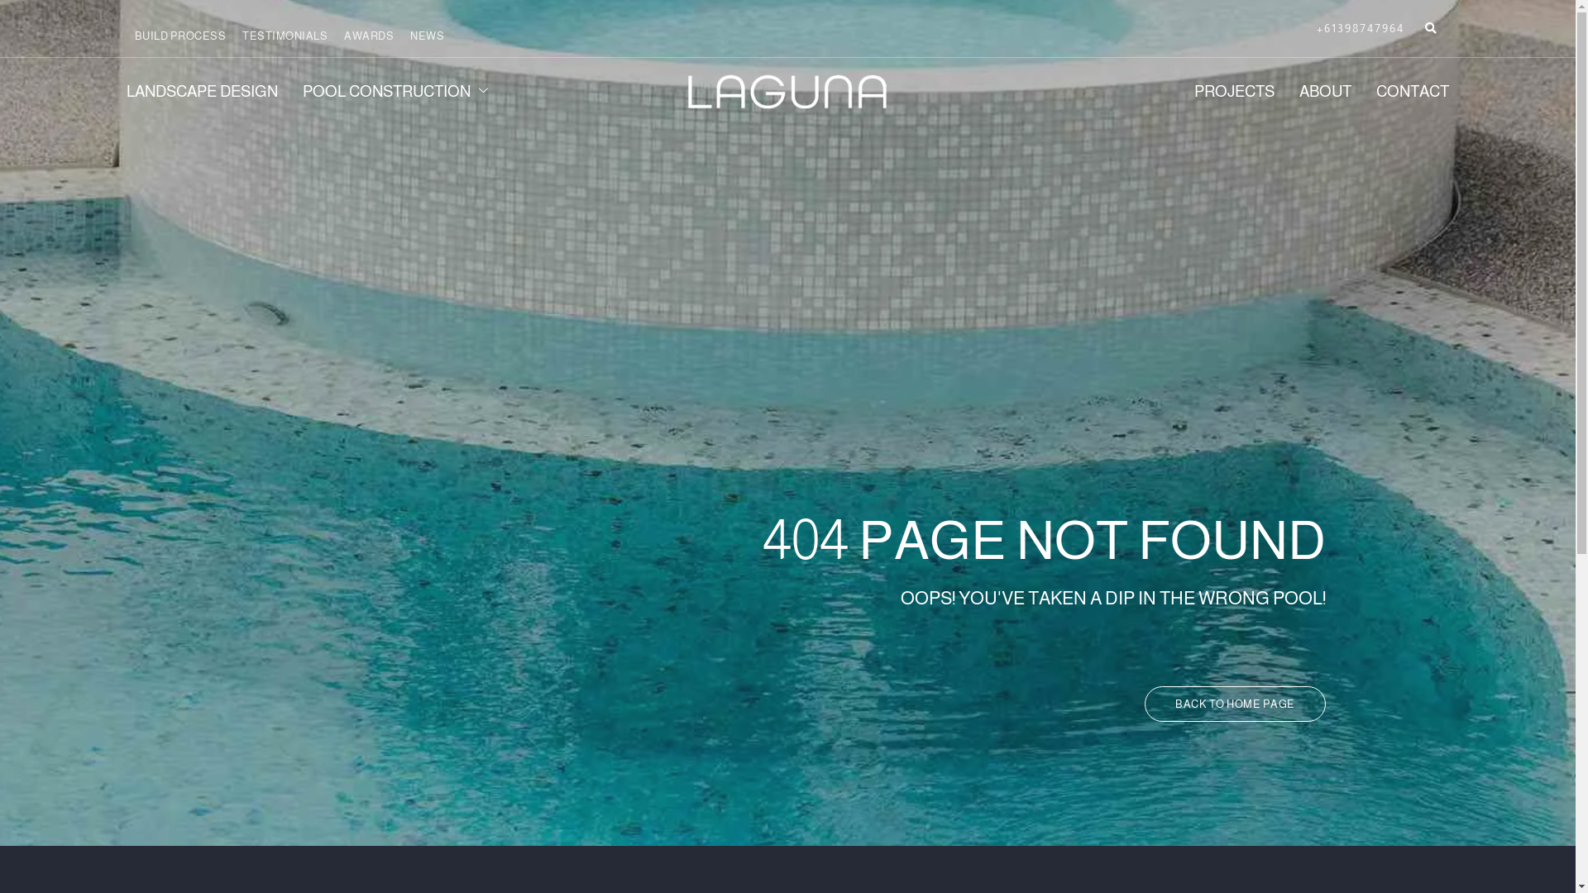 This screenshot has width=1588, height=893. Describe the element at coordinates (343, 36) in the screenshot. I see `'AWARDS'` at that location.